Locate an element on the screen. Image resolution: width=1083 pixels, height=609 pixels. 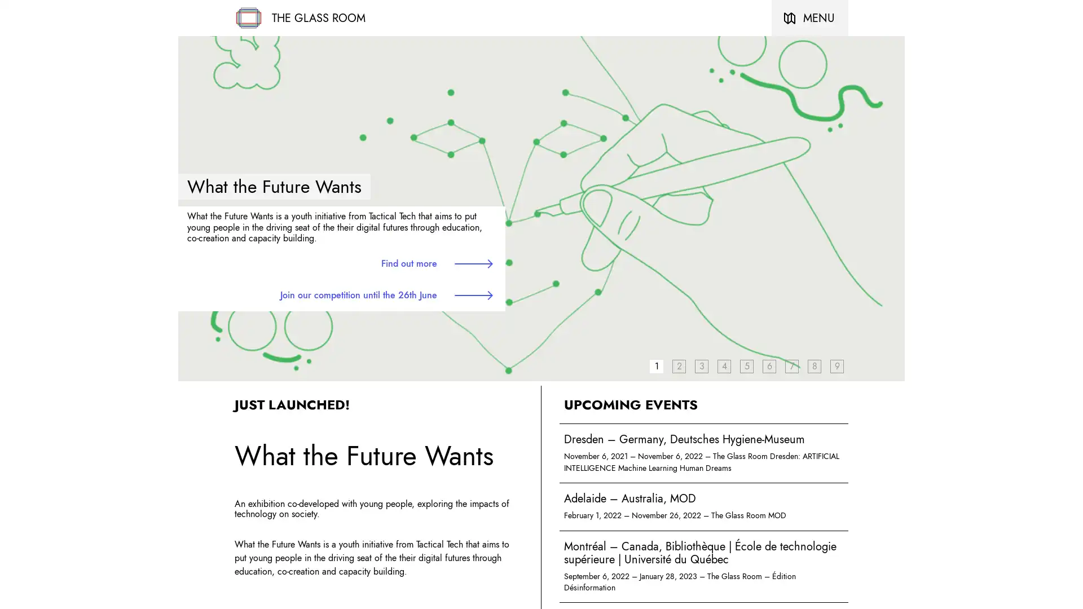
slide item 3 is located at coordinates (701, 365).